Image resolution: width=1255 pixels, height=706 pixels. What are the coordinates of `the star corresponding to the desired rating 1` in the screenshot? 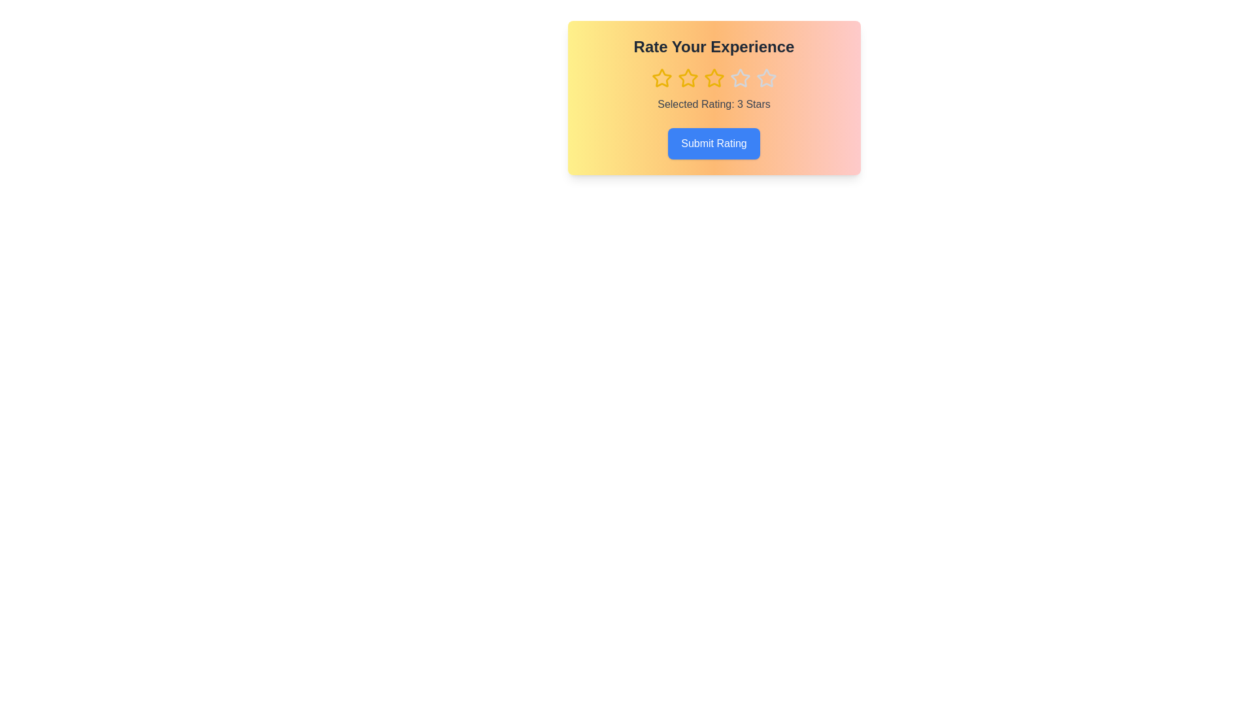 It's located at (661, 78).